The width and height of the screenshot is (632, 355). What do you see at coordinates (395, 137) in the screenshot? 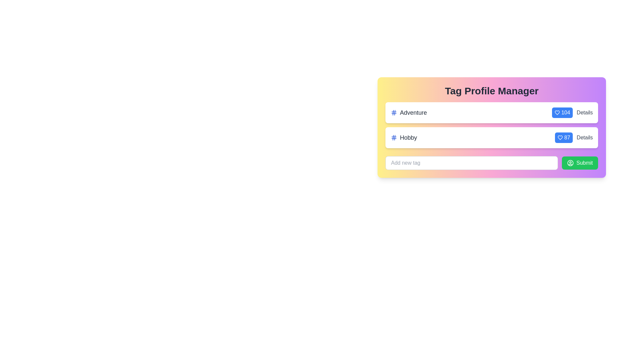
I see `right vertical line of the hashtag icon located near the 'Hobby' text within the second row of the tag list` at bounding box center [395, 137].